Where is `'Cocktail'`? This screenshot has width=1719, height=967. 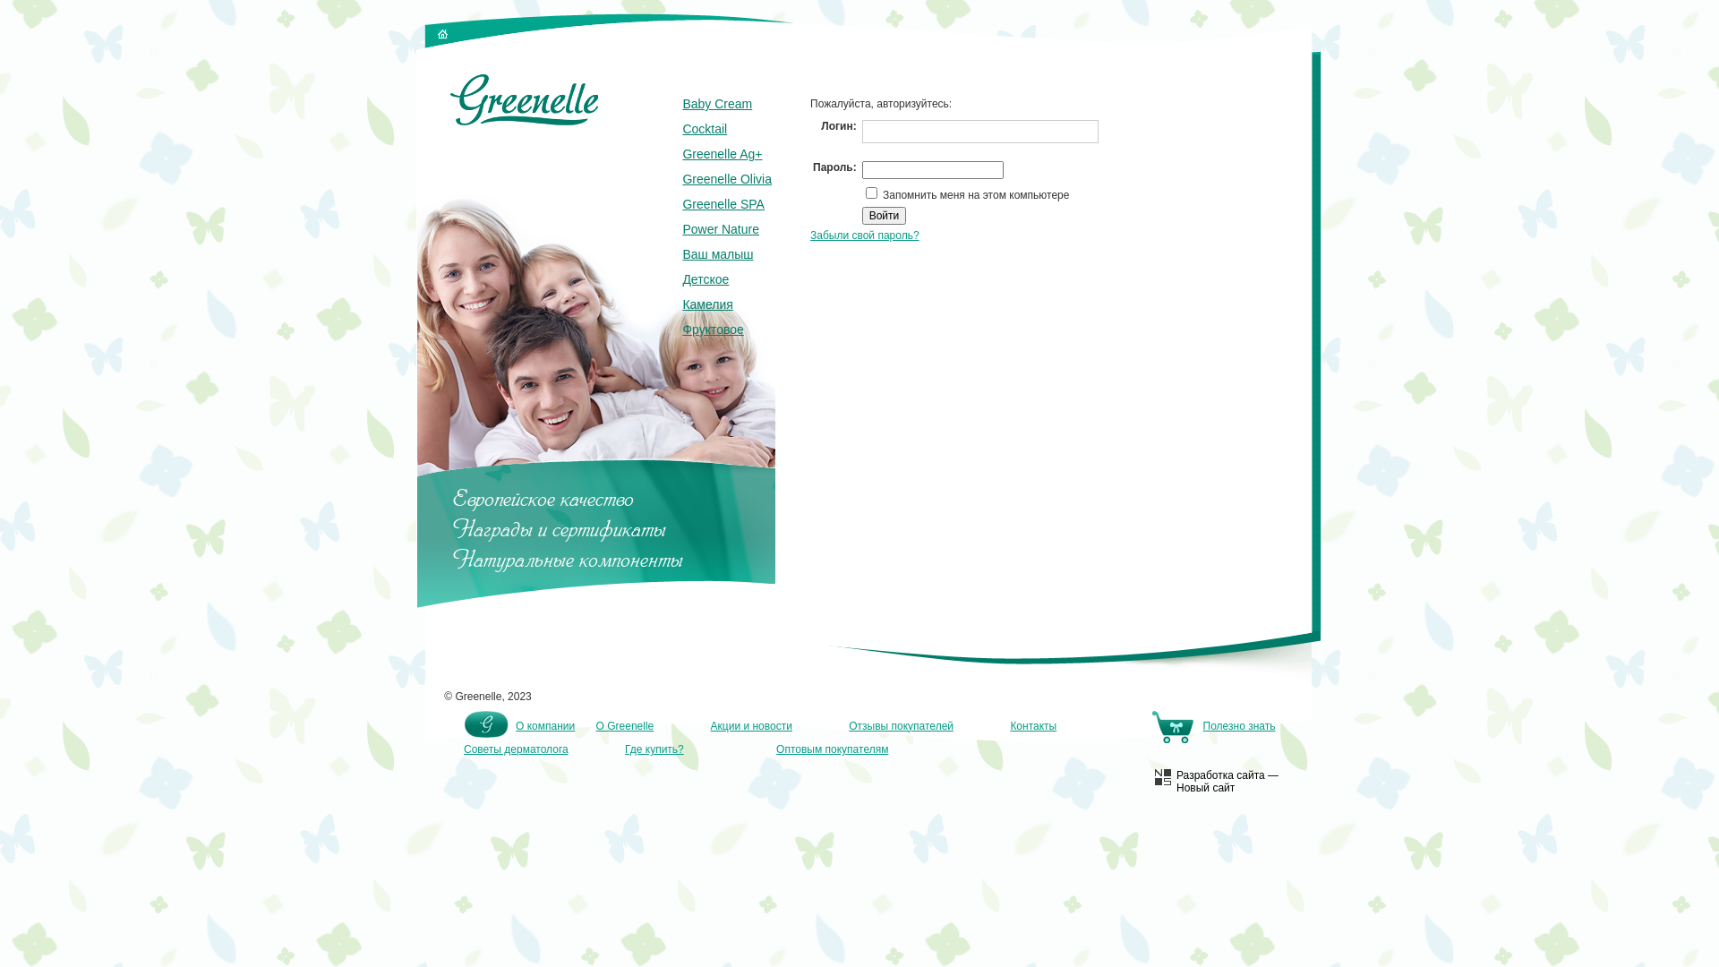 'Cocktail' is located at coordinates (726, 127).